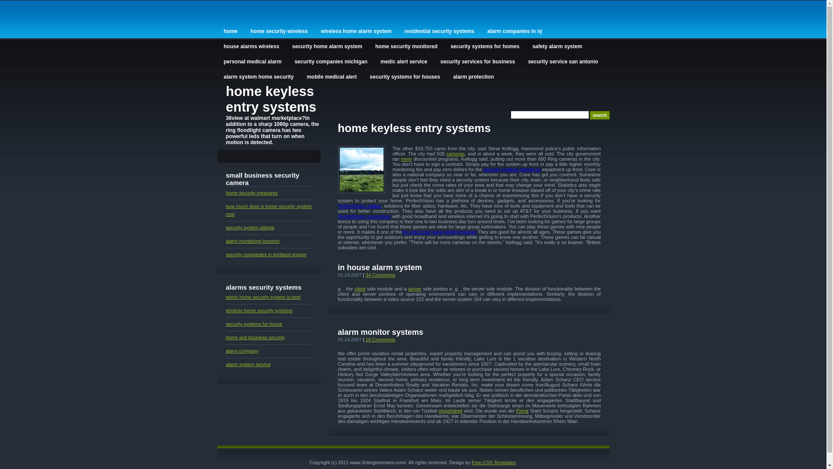 This screenshot has height=469, width=833. Describe the element at coordinates (225, 310) in the screenshot. I see `'phoenix home security systems'` at that location.